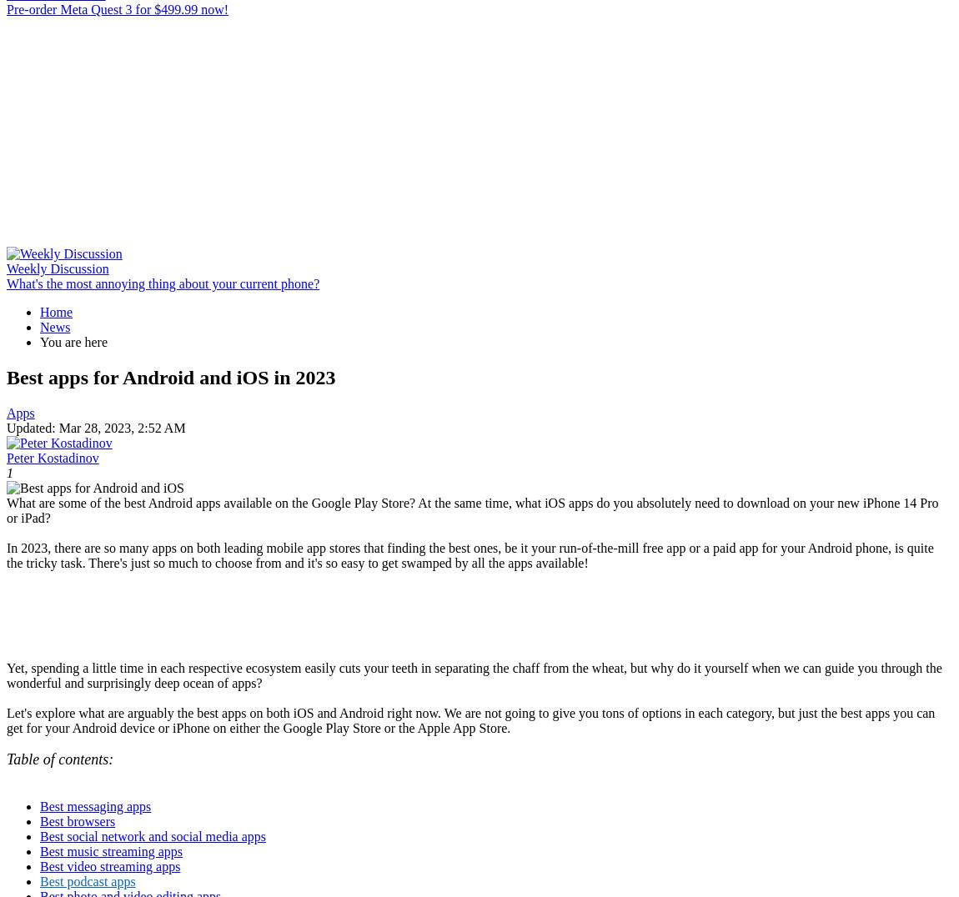 The image size is (959, 897). I want to click on '1', so click(8, 471).